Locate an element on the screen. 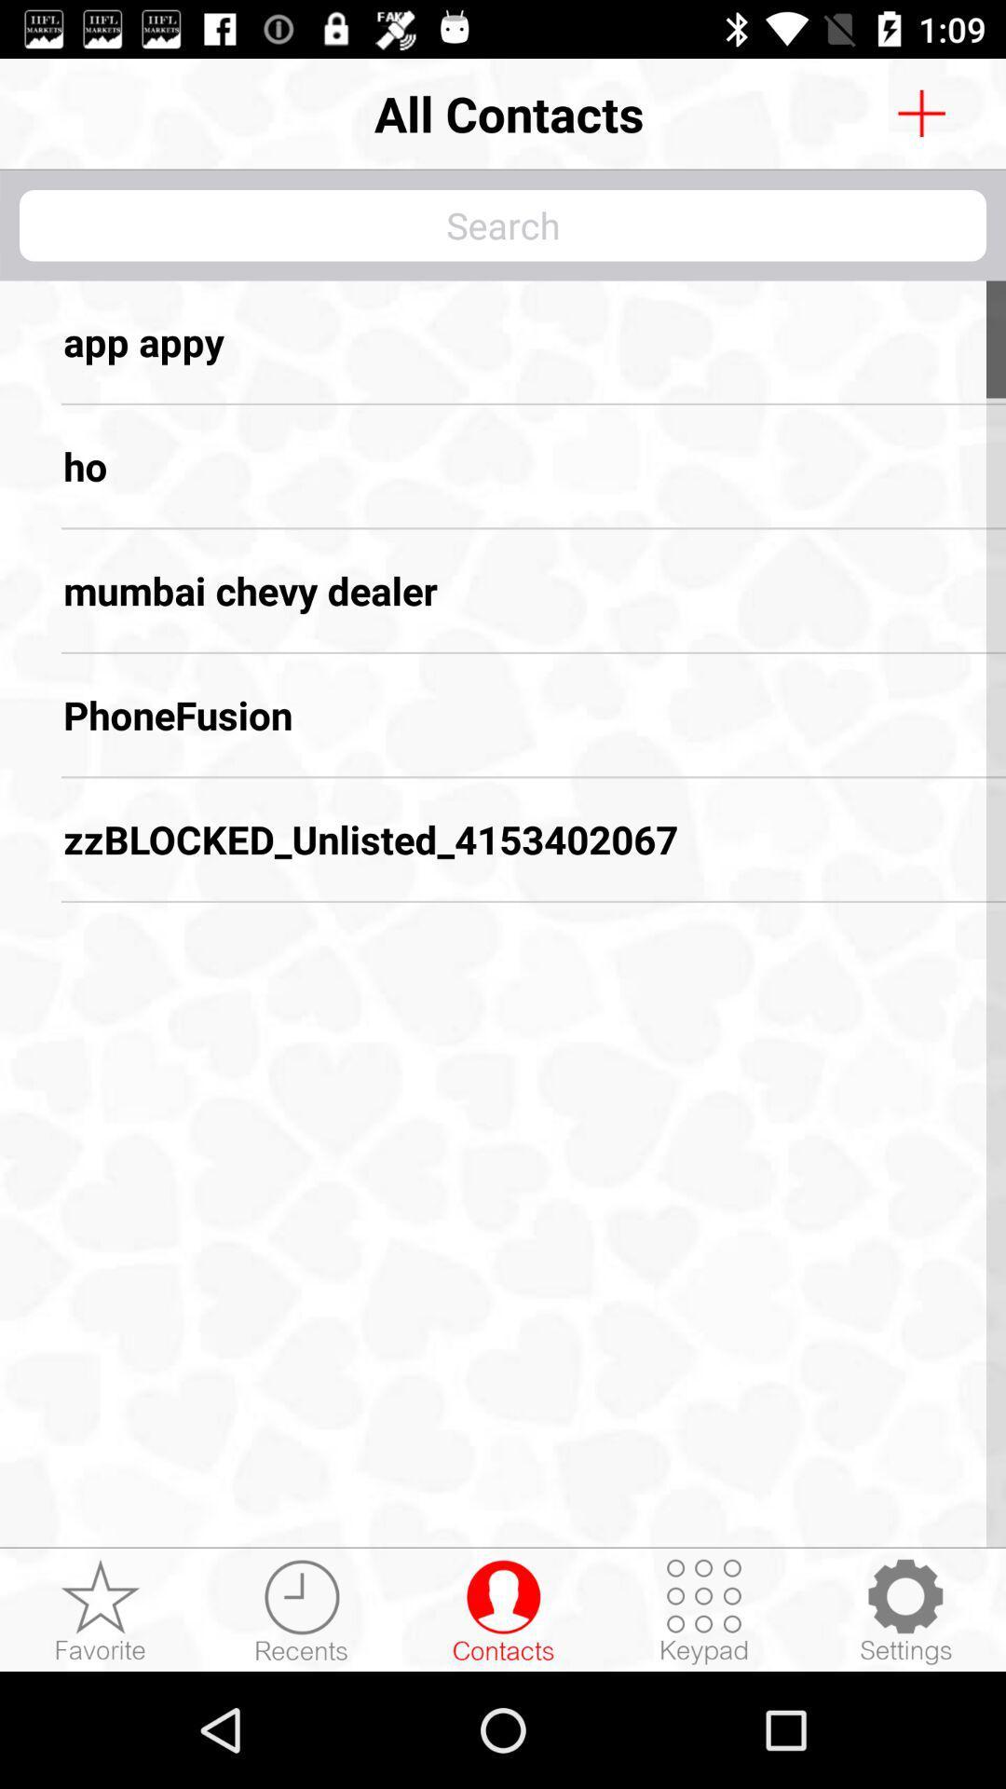 The width and height of the screenshot is (1006, 1789). recents is located at coordinates (301, 1610).